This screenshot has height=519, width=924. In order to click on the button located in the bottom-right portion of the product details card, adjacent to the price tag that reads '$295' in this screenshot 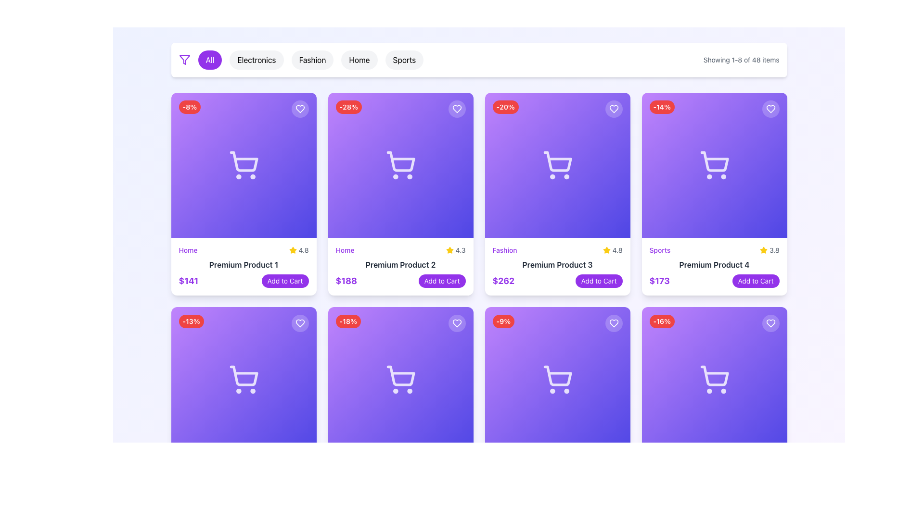, I will do `click(284, 495)`.